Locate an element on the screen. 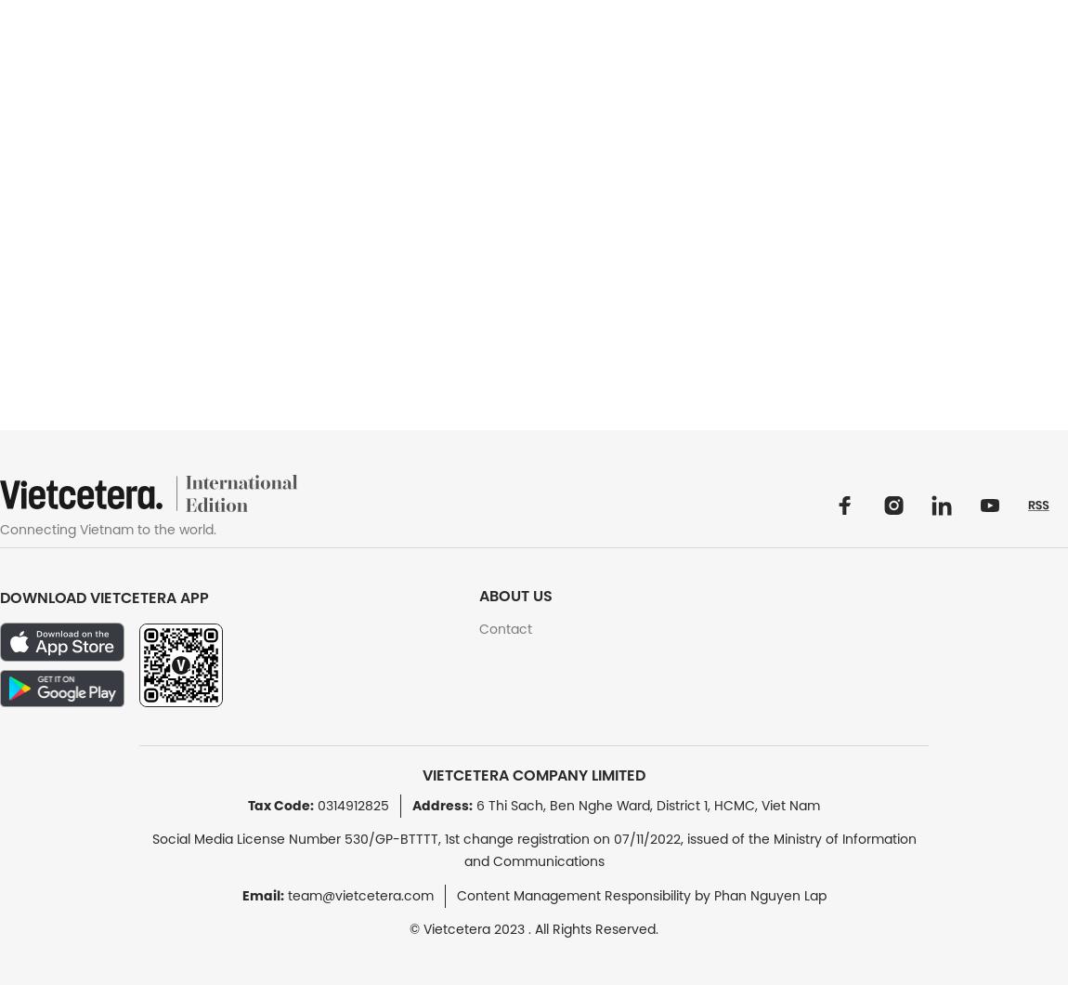 The height and width of the screenshot is (985, 1068). 'Phan Nguyen Lap' is located at coordinates (768, 894).